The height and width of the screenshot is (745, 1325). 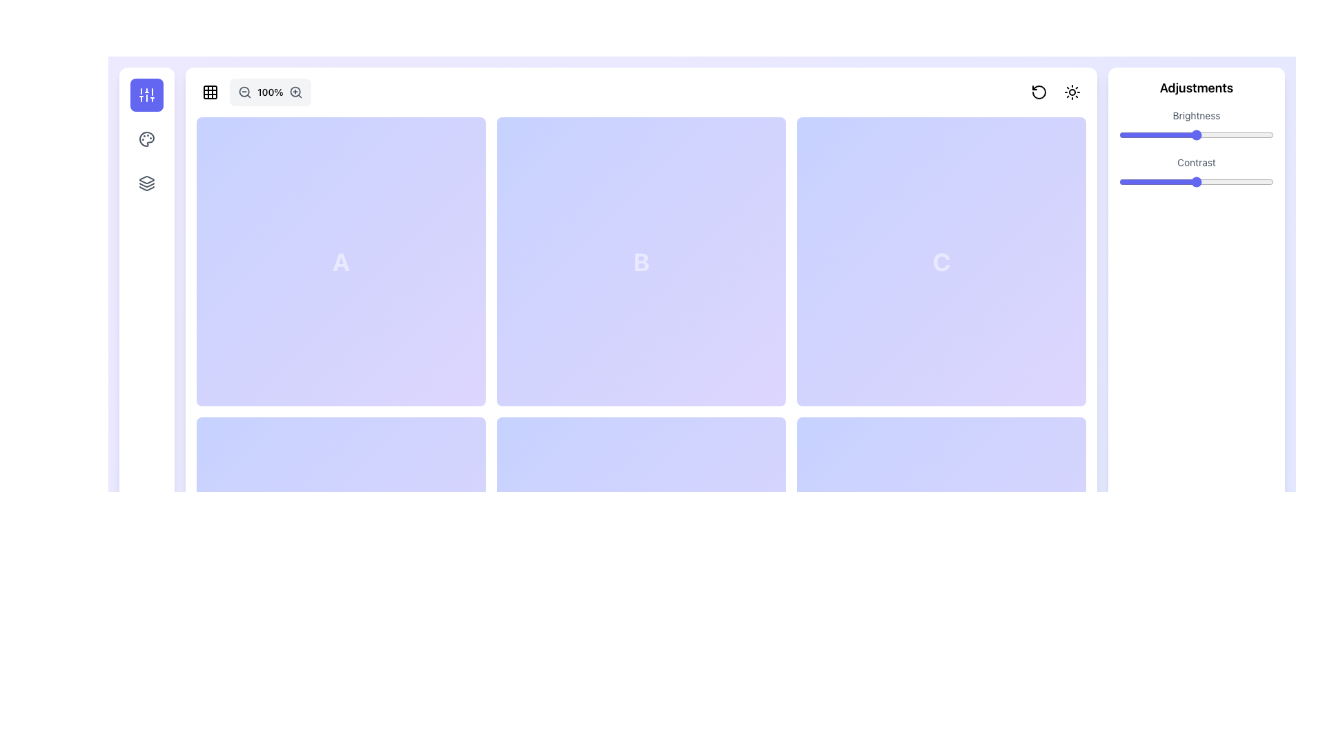 I want to click on contrast, so click(x=1126, y=181).